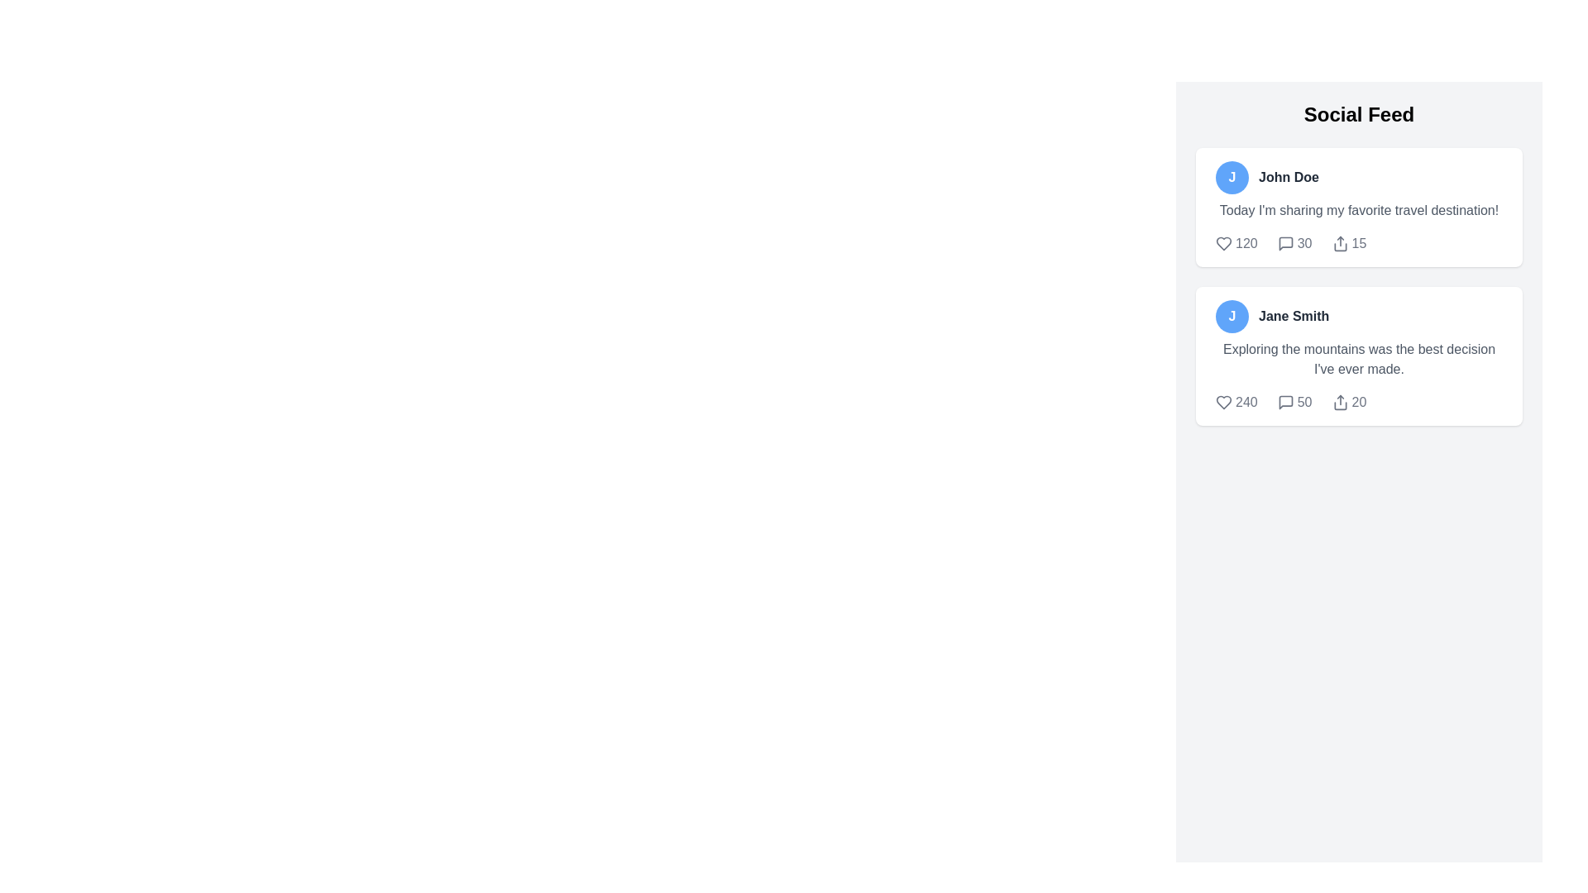  I want to click on the interactive display component that shows a message bubble icon followed by the number '30', so click(1294, 243).